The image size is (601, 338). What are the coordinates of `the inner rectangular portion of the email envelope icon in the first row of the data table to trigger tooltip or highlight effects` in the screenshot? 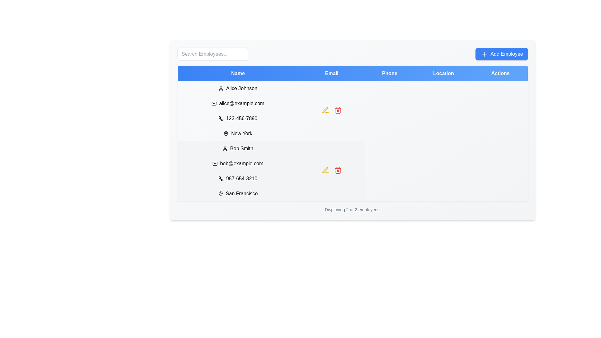 It's located at (214, 103).